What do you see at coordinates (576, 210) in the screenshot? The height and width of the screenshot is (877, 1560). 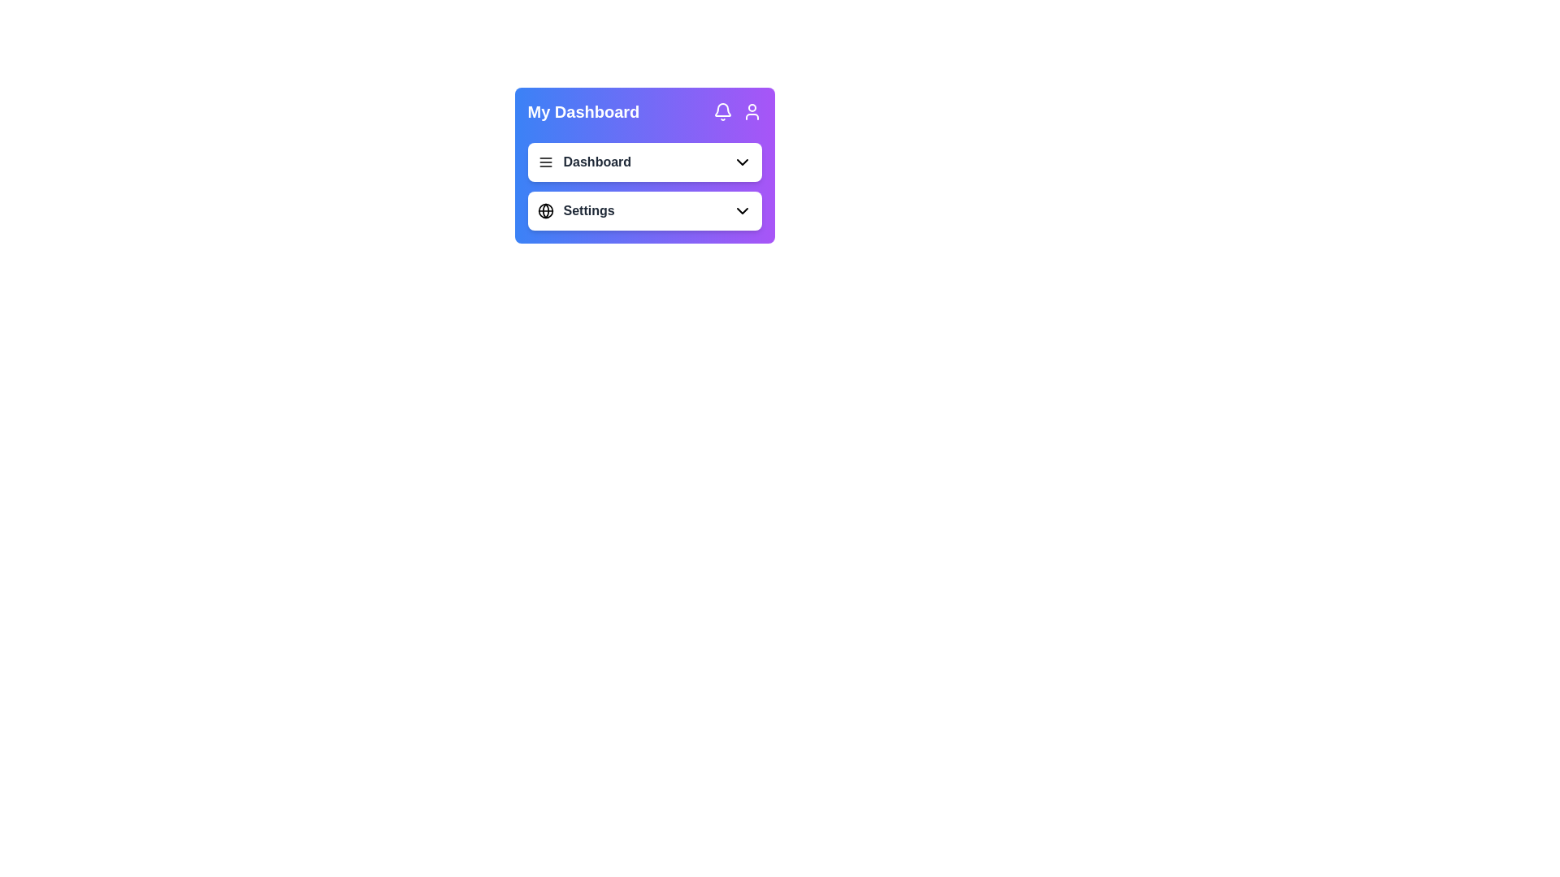 I see `the menu entry with an icon of a globe and text` at bounding box center [576, 210].